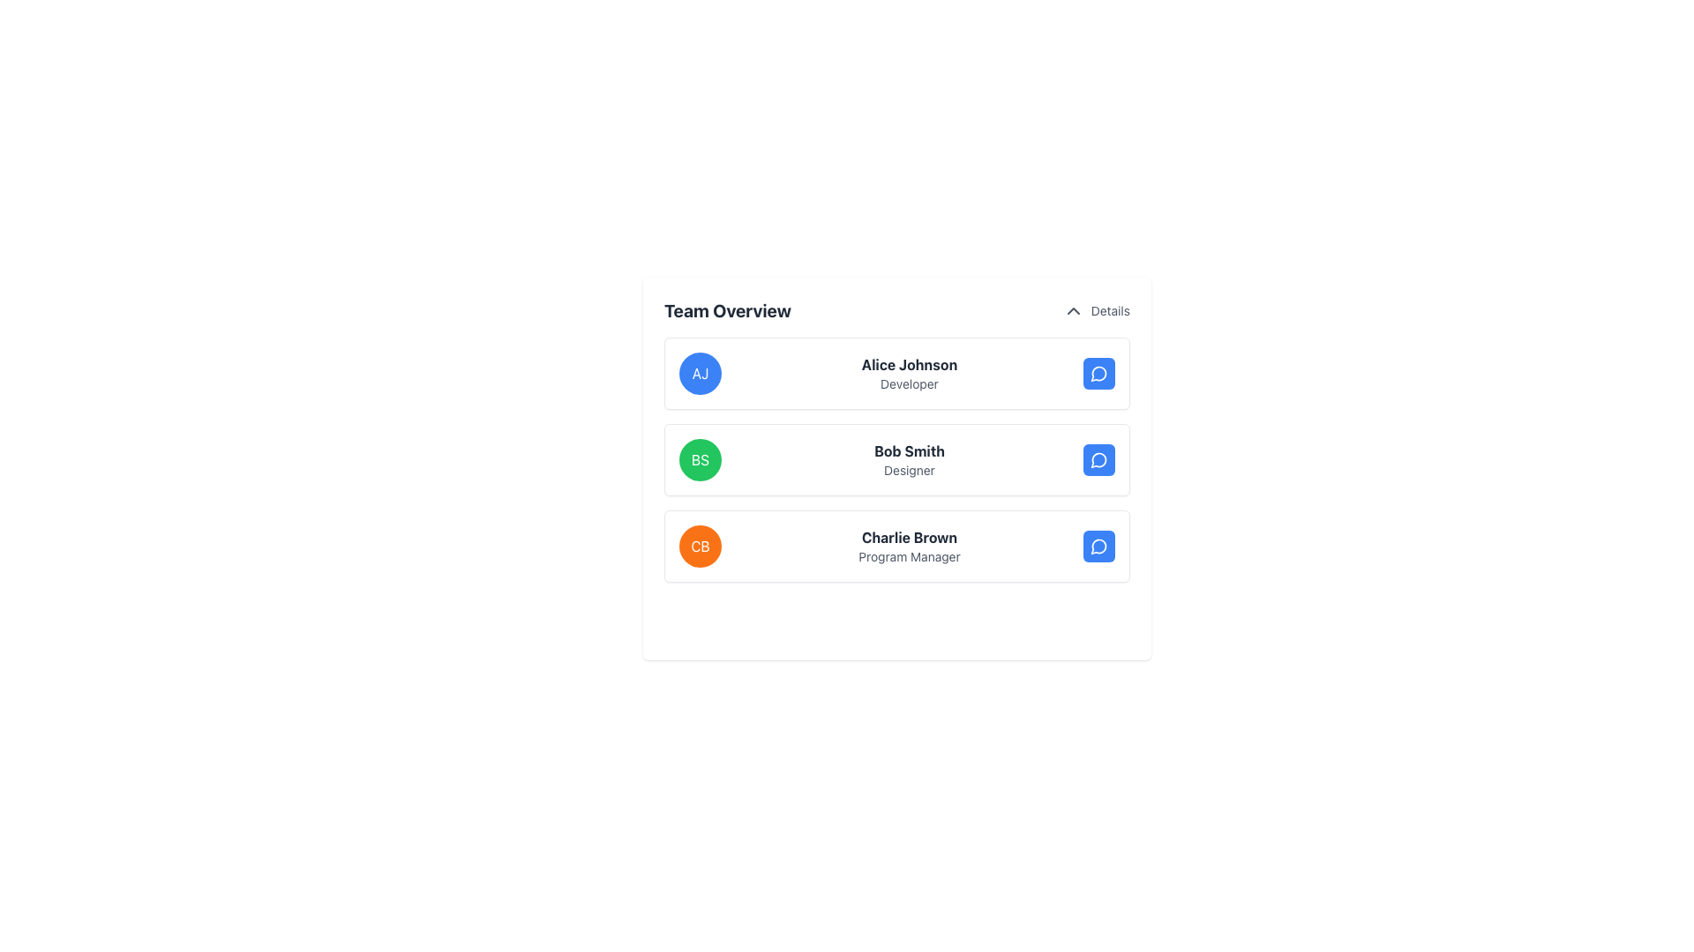 This screenshot has width=1694, height=952. I want to click on the blue circular avatar with the white text 'AJ' representing 'Alice Johnson, Developer', so click(699, 373).